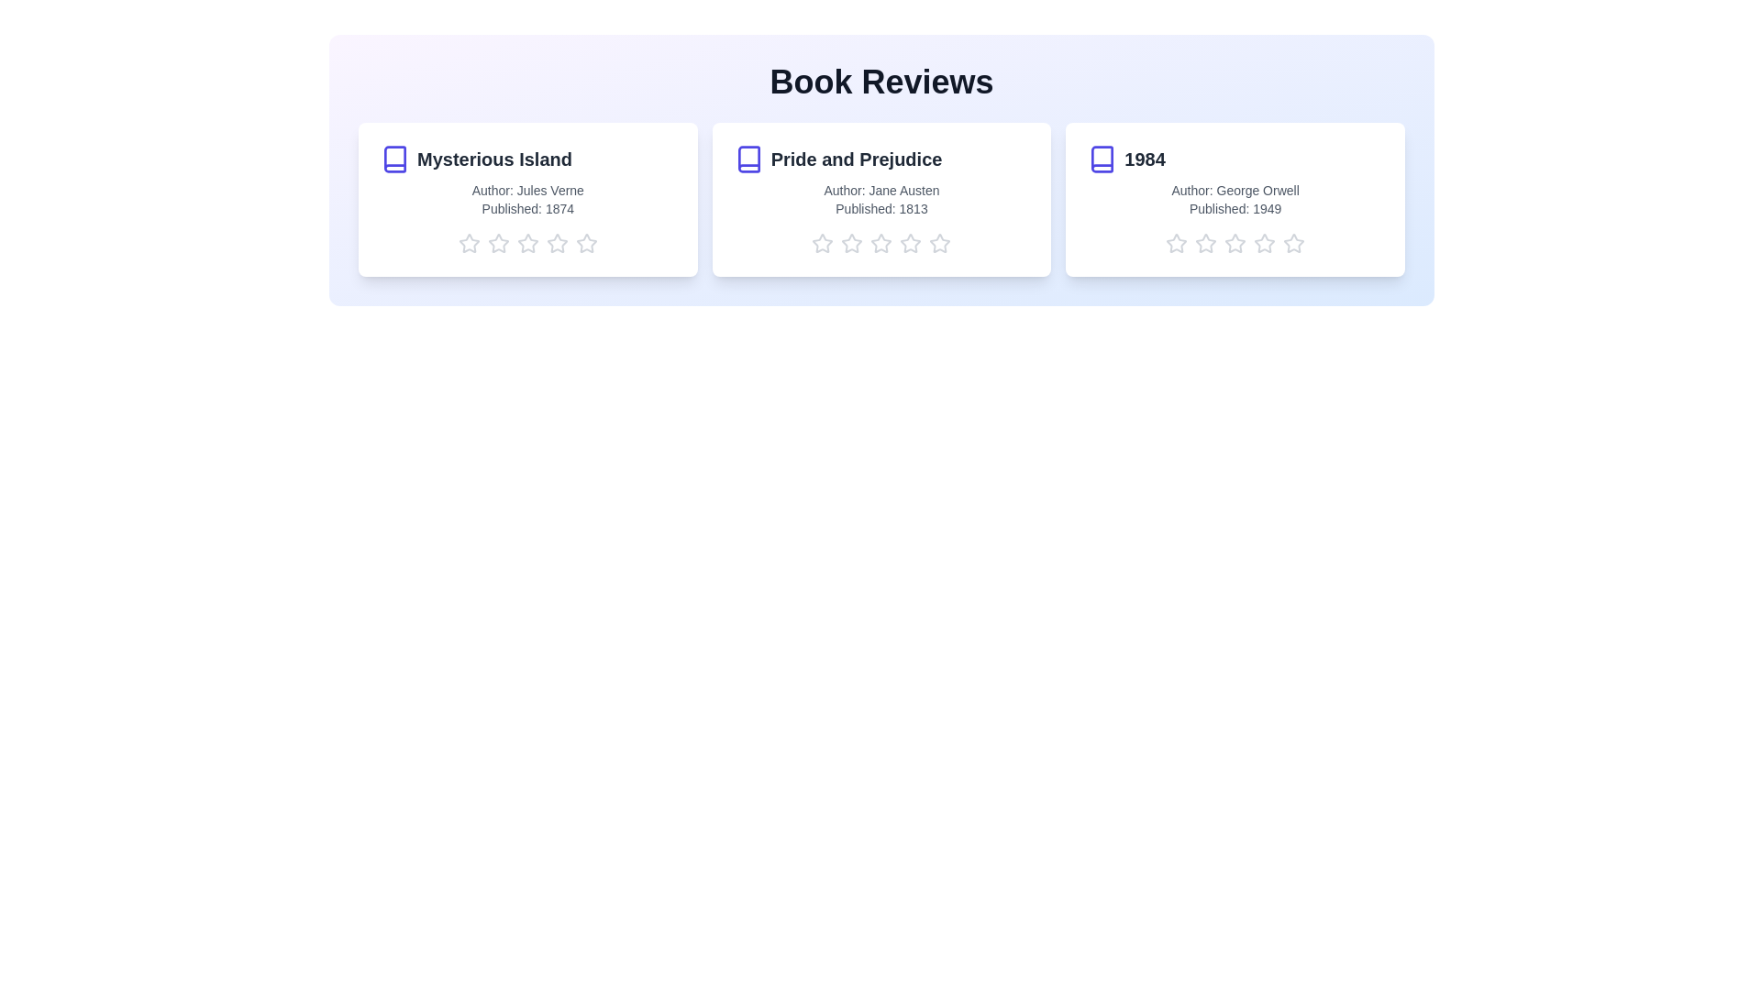 The height and width of the screenshot is (990, 1761). What do you see at coordinates (1101, 158) in the screenshot?
I see `the book icon of the book titled 1984` at bounding box center [1101, 158].